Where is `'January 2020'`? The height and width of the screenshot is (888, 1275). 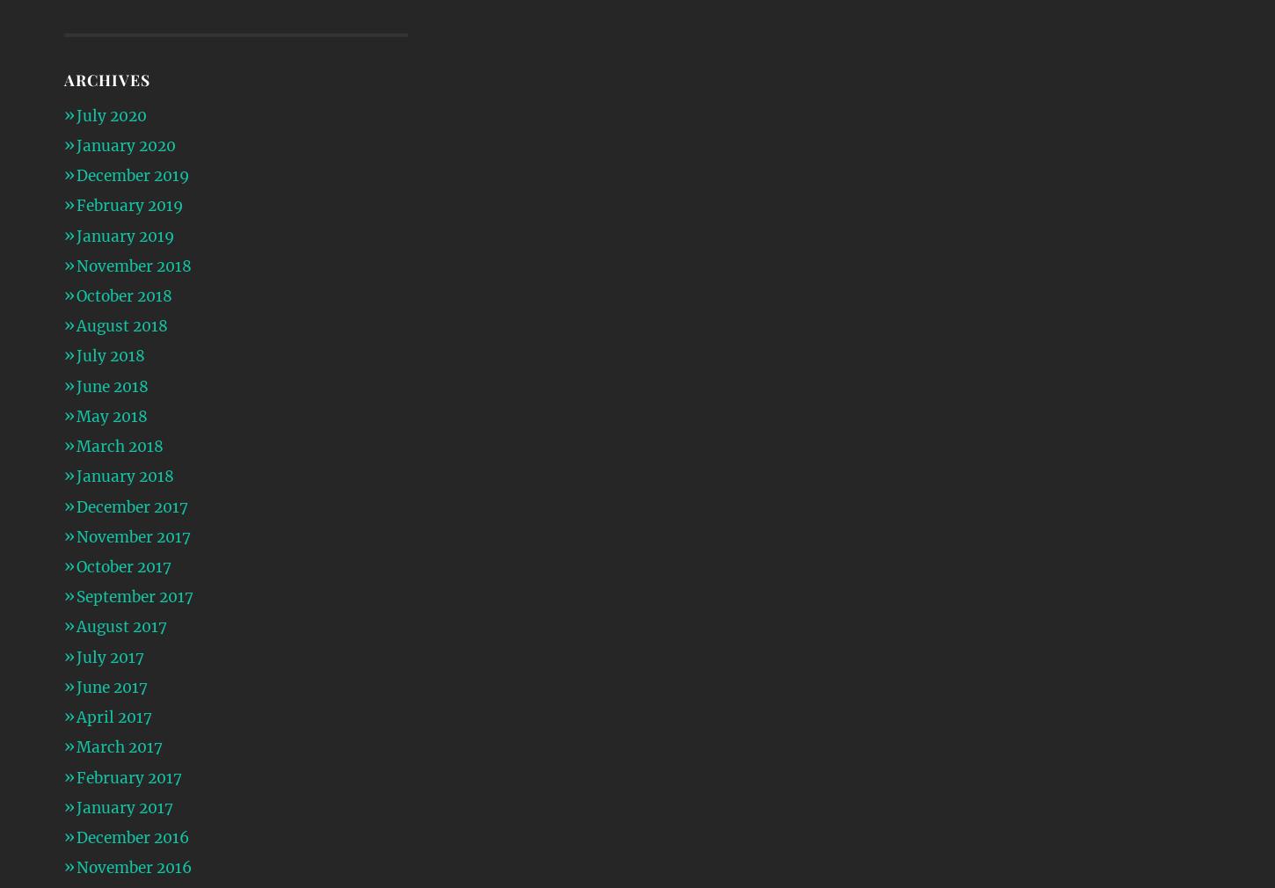
'January 2020' is located at coordinates (75, 144).